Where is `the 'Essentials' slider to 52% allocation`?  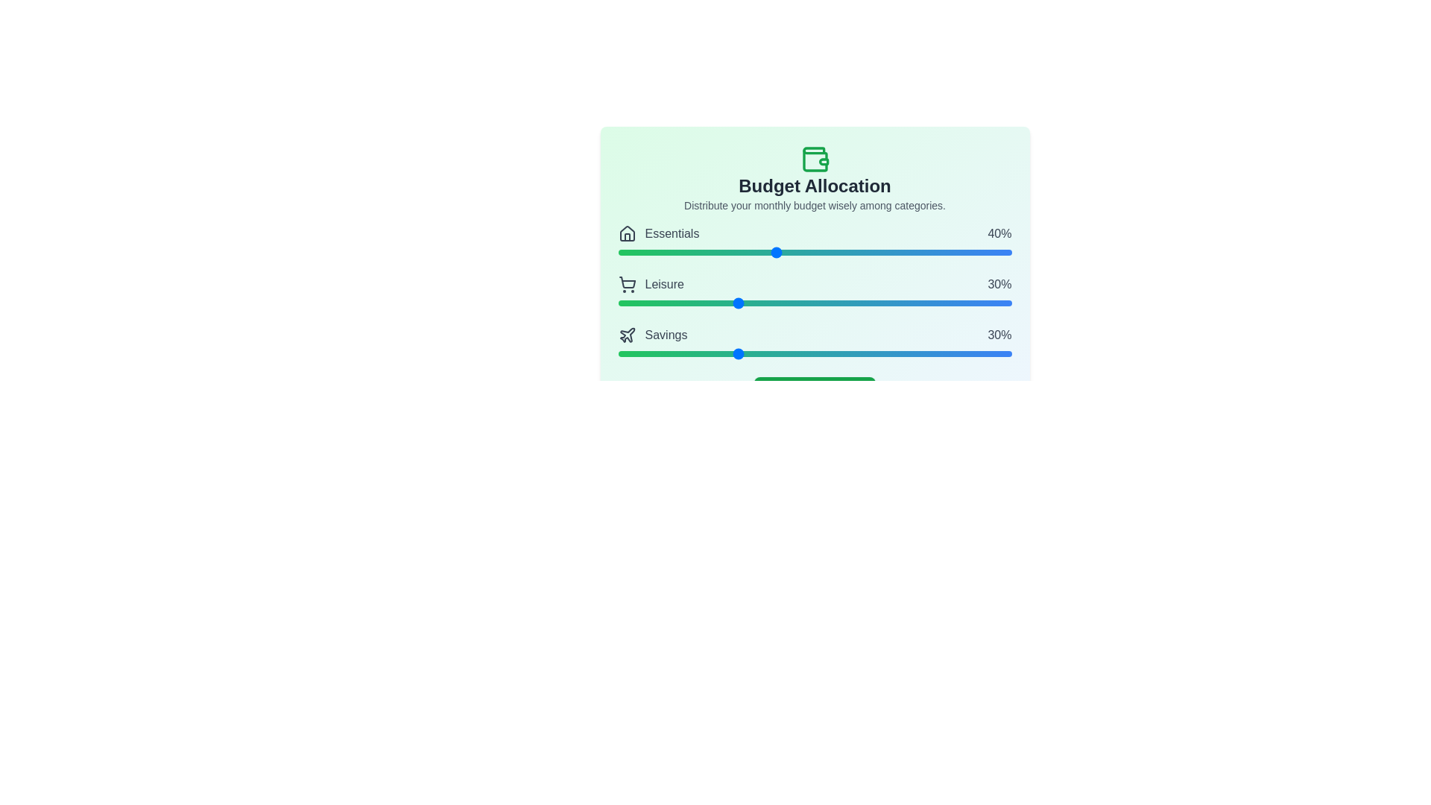 the 'Essentials' slider to 52% allocation is located at coordinates (822, 252).